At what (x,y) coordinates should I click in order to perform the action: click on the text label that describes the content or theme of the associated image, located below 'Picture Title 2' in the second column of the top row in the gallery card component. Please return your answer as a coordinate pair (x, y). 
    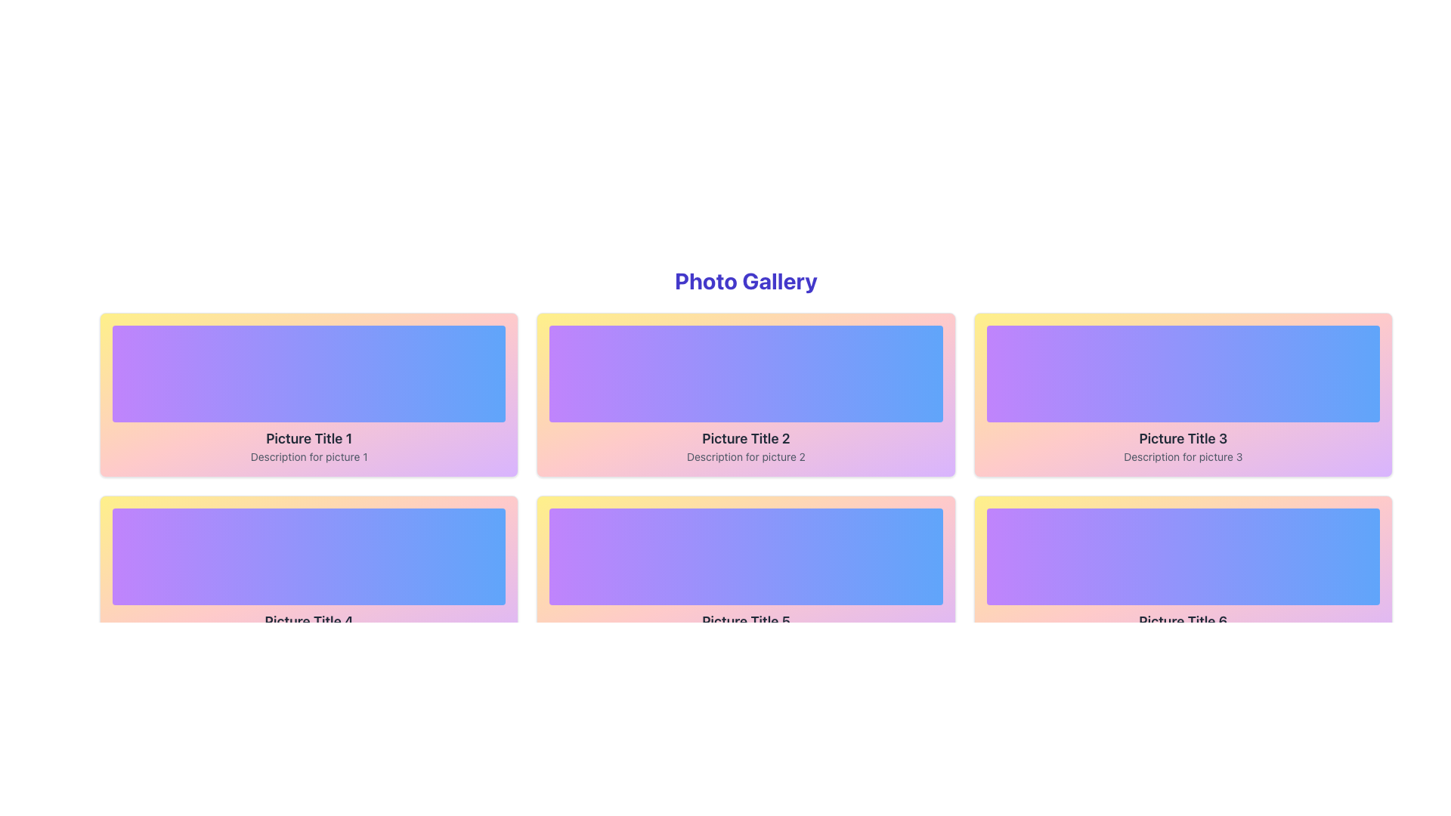
    Looking at the image, I should click on (746, 456).